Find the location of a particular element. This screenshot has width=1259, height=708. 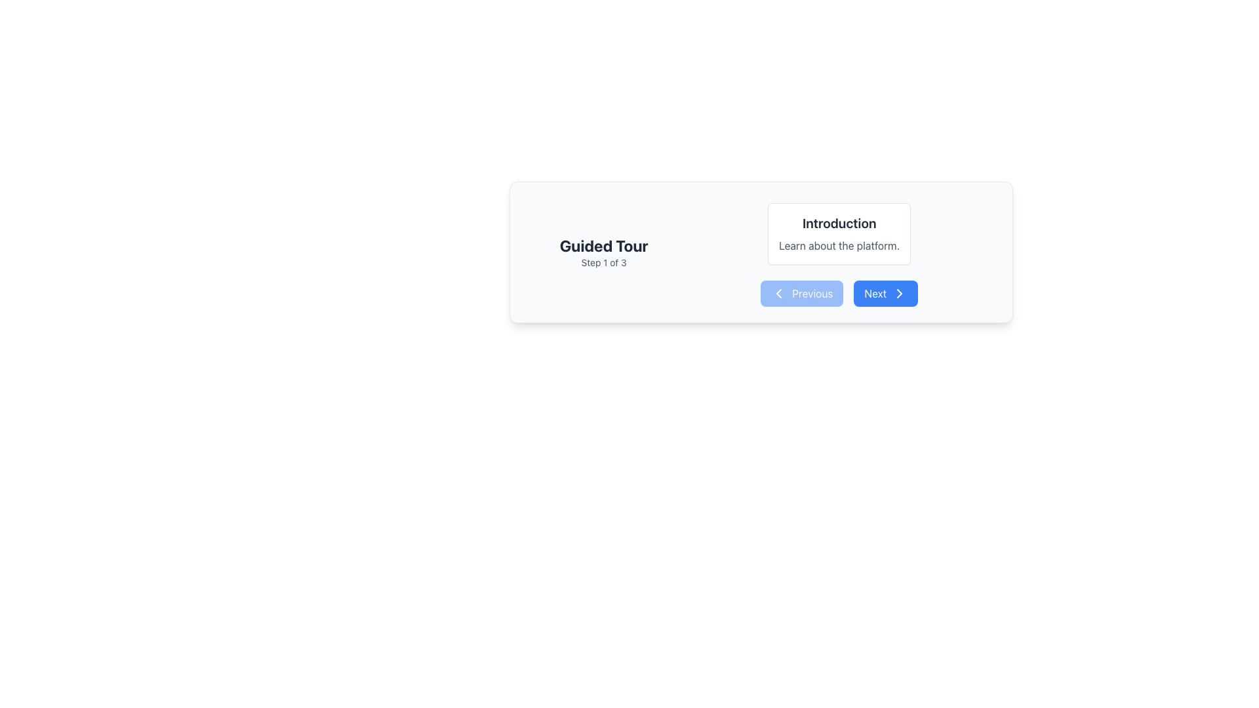

text label styled with a large bold font displaying 'Introduction', located at the top of a white, rounded, shadowed card is located at coordinates (839, 222).